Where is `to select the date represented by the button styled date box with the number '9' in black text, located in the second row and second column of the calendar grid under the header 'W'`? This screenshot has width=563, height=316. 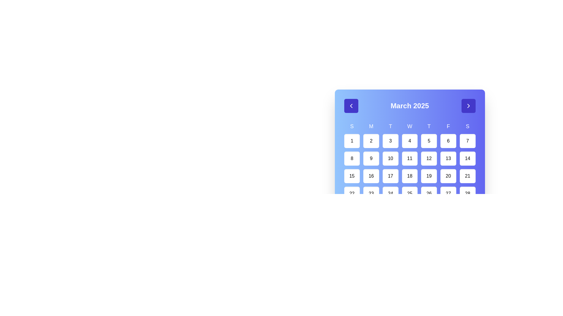 to select the date represented by the button styled date box with the number '9' in black text, located in the second row and second column of the calendar grid under the header 'W' is located at coordinates (371, 159).